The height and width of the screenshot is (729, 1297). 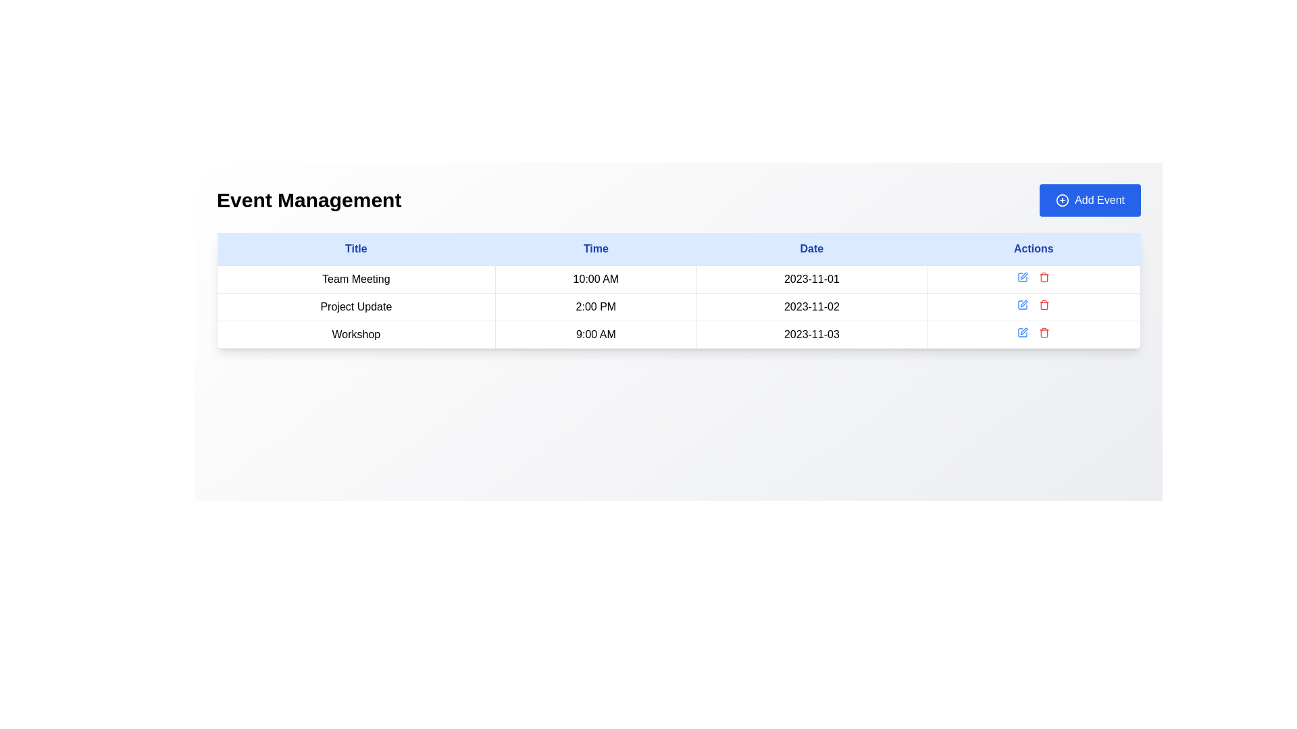 What do you see at coordinates (811, 334) in the screenshot?
I see `the text label displaying the date '2023-11-03' located in the third column of the last row in the table, which has a border and padding, and is positioned after the '9:00 AM' cell` at bounding box center [811, 334].